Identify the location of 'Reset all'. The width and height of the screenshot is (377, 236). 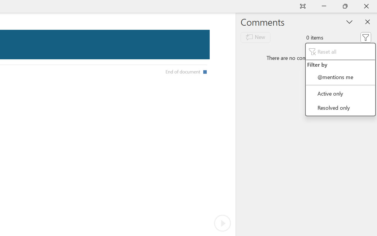
(340, 51).